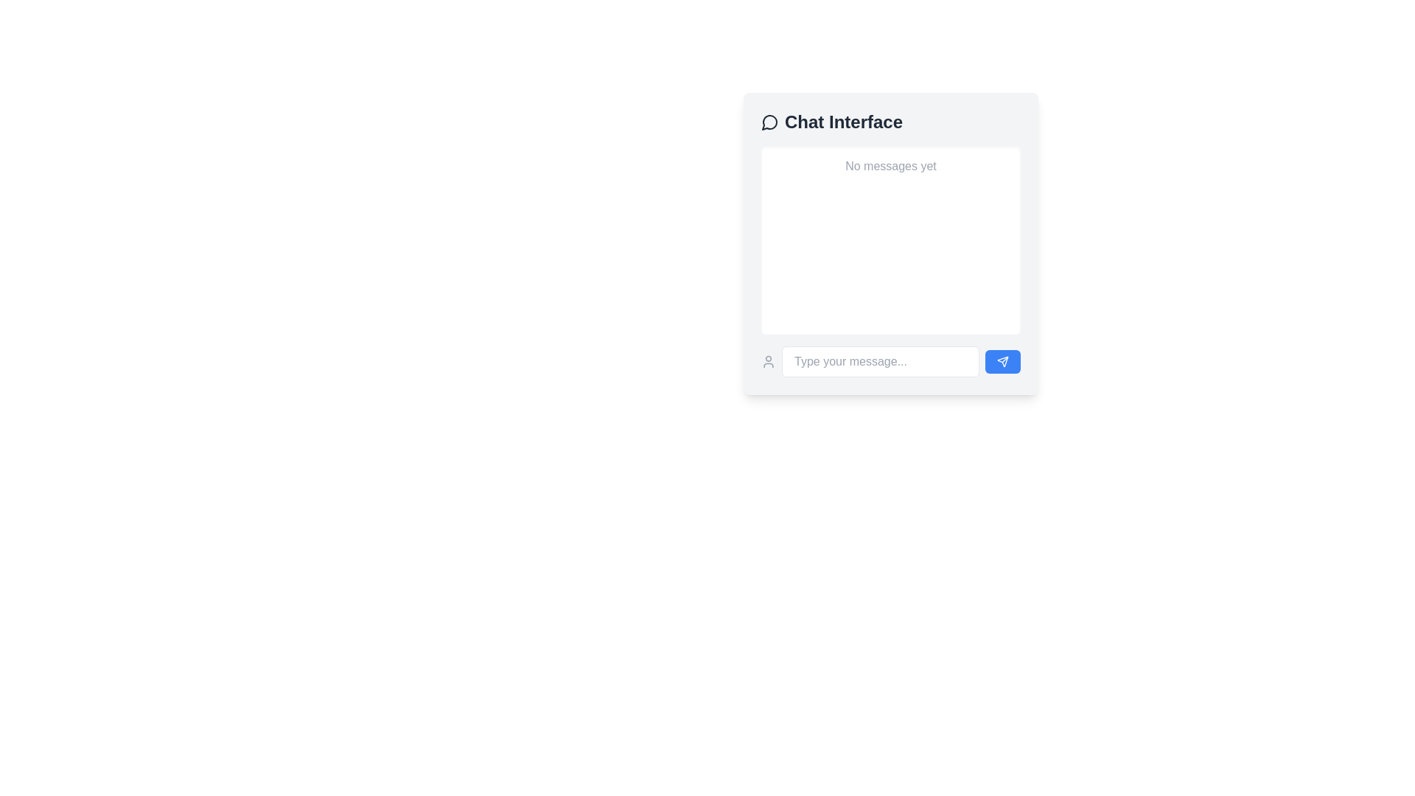 Image resolution: width=1415 pixels, height=796 pixels. Describe the element at coordinates (881, 361) in the screenshot. I see `the text input box for messages, which is a rounded rectangle with placeholder text 'Type your message...' located at the bottom of the chat interface` at that location.